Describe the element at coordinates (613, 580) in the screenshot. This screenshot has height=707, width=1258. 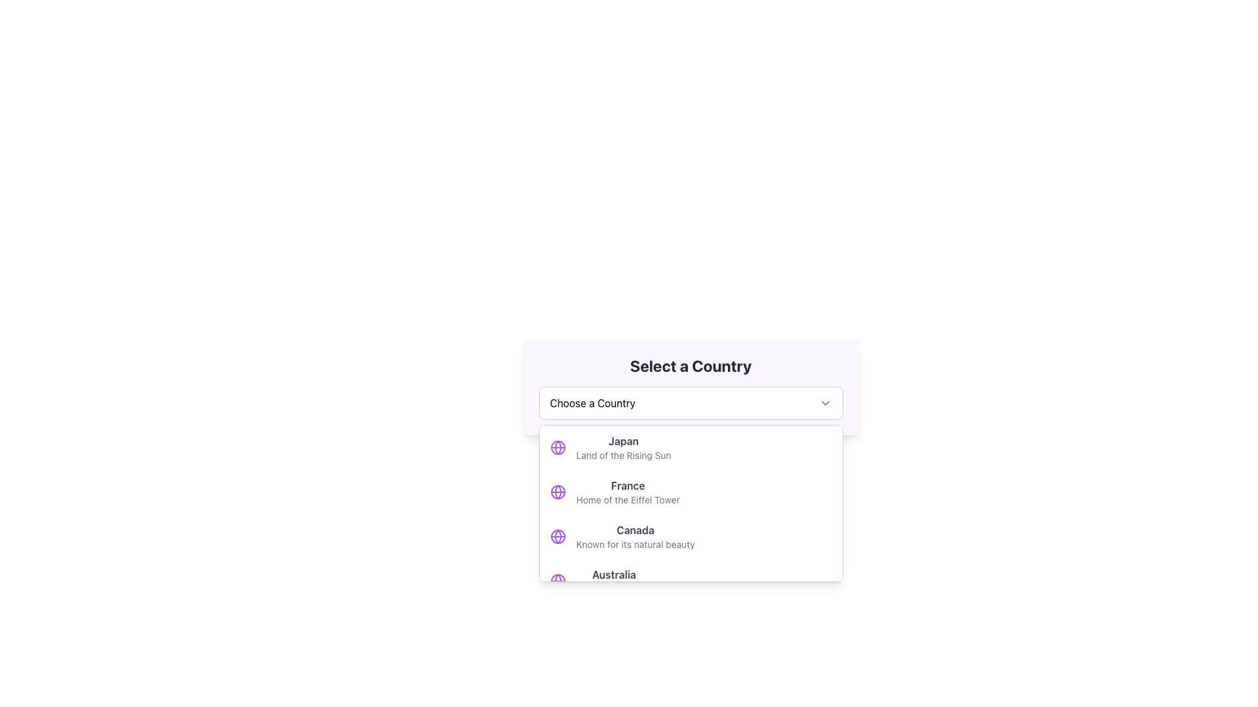
I see `the dropdown menu item displaying 'Australia' in bold, located at the bottom of the country options list under 'Select a Country.'` at that location.